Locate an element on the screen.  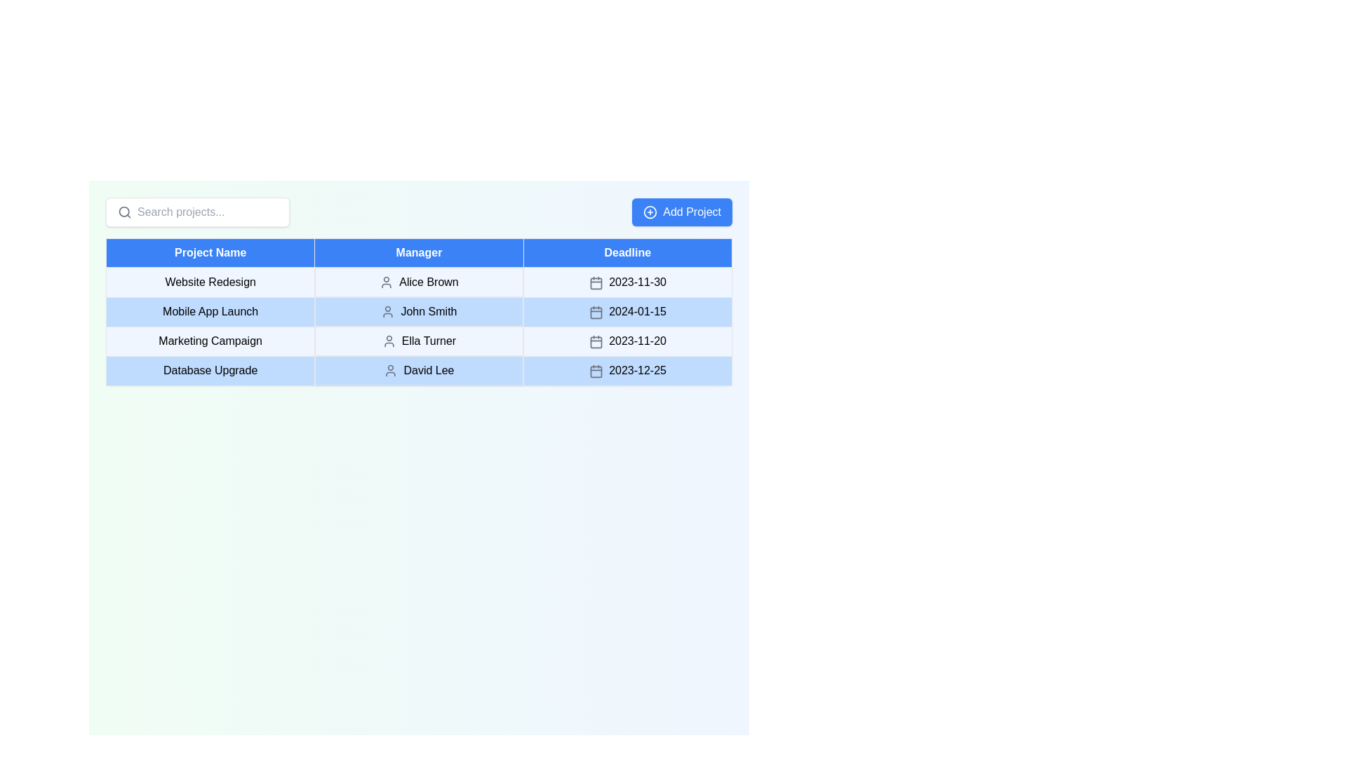
the 'Mobile App Launch' text label which is styled with a light blue background and located in the first column of the second row in the table layout is located at coordinates (210, 311).